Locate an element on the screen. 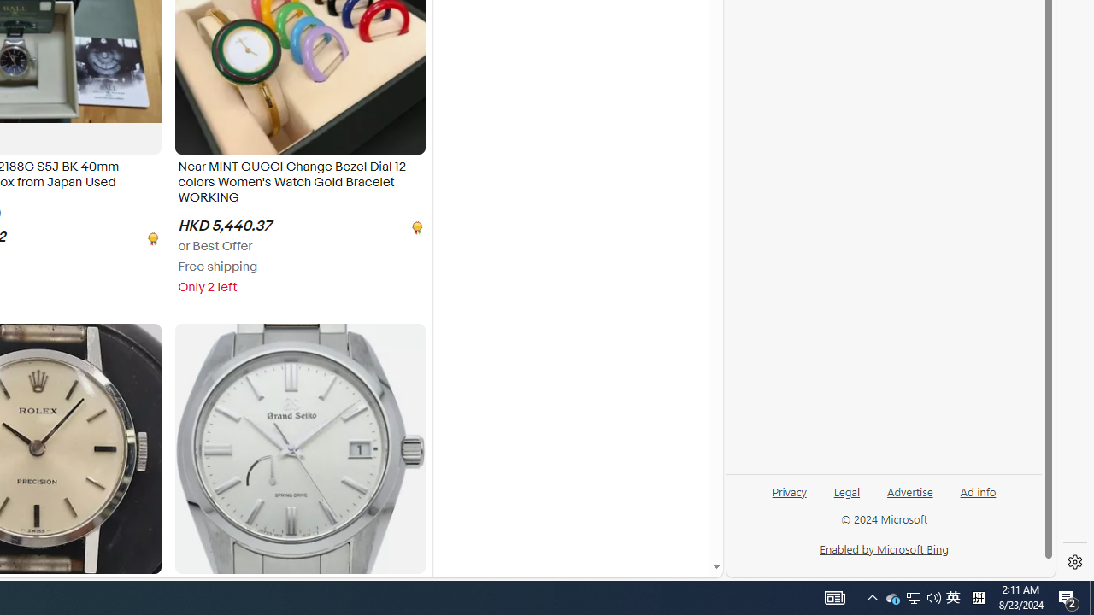 This screenshot has width=1094, height=615. 'Advertise' is located at coordinates (909, 498).